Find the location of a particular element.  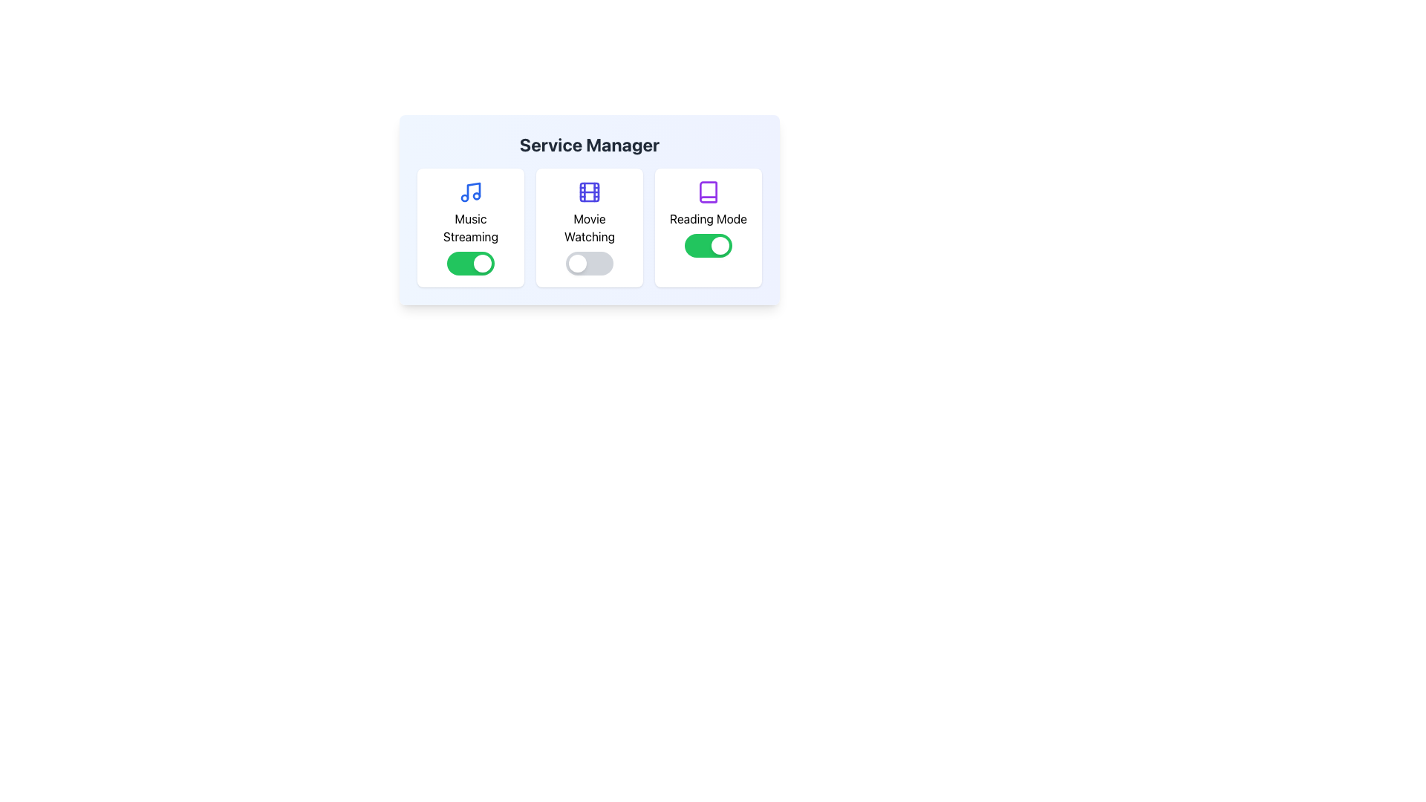

the toggle switch located in the 'Music Streaming' card is located at coordinates (469, 262).